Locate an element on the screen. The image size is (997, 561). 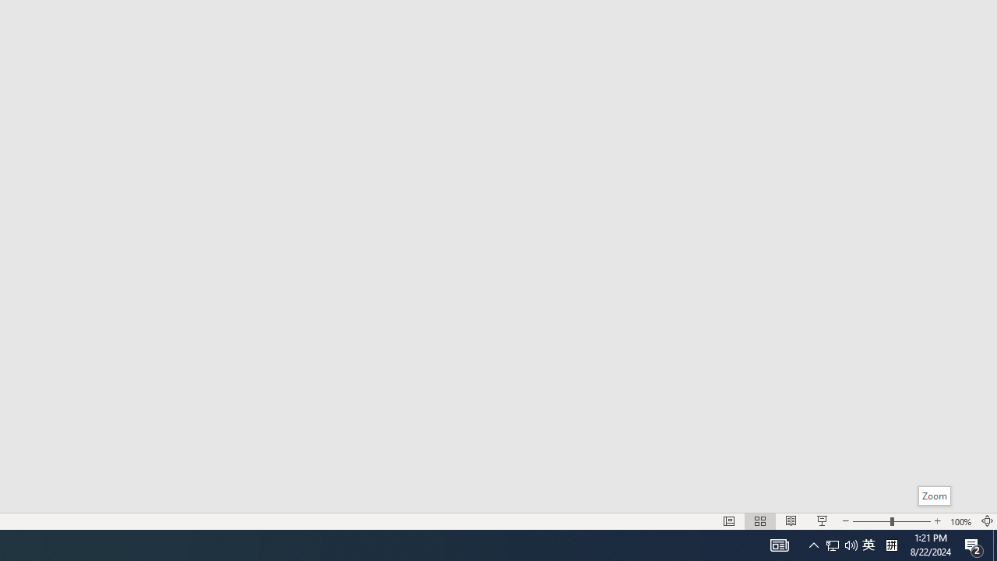
'Zoom 100%' is located at coordinates (960, 521).